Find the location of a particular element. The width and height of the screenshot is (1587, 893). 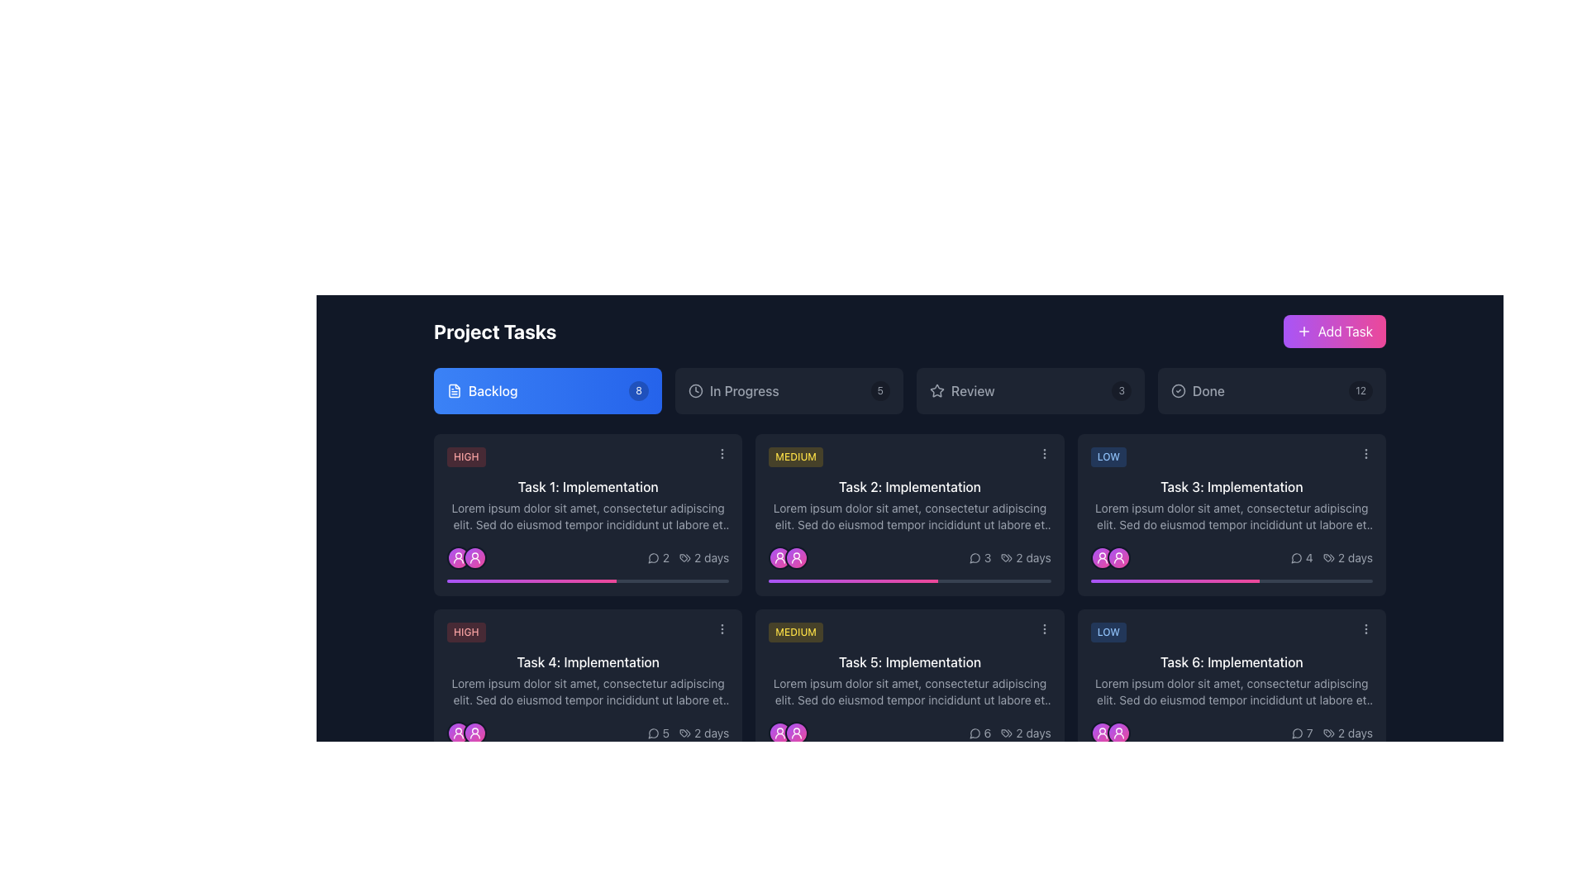

the Icon group (user avatars) representing two users in the 'Task 5: Implementation' card located in the second row and second column of the project tasks grid is located at coordinates (788, 733).